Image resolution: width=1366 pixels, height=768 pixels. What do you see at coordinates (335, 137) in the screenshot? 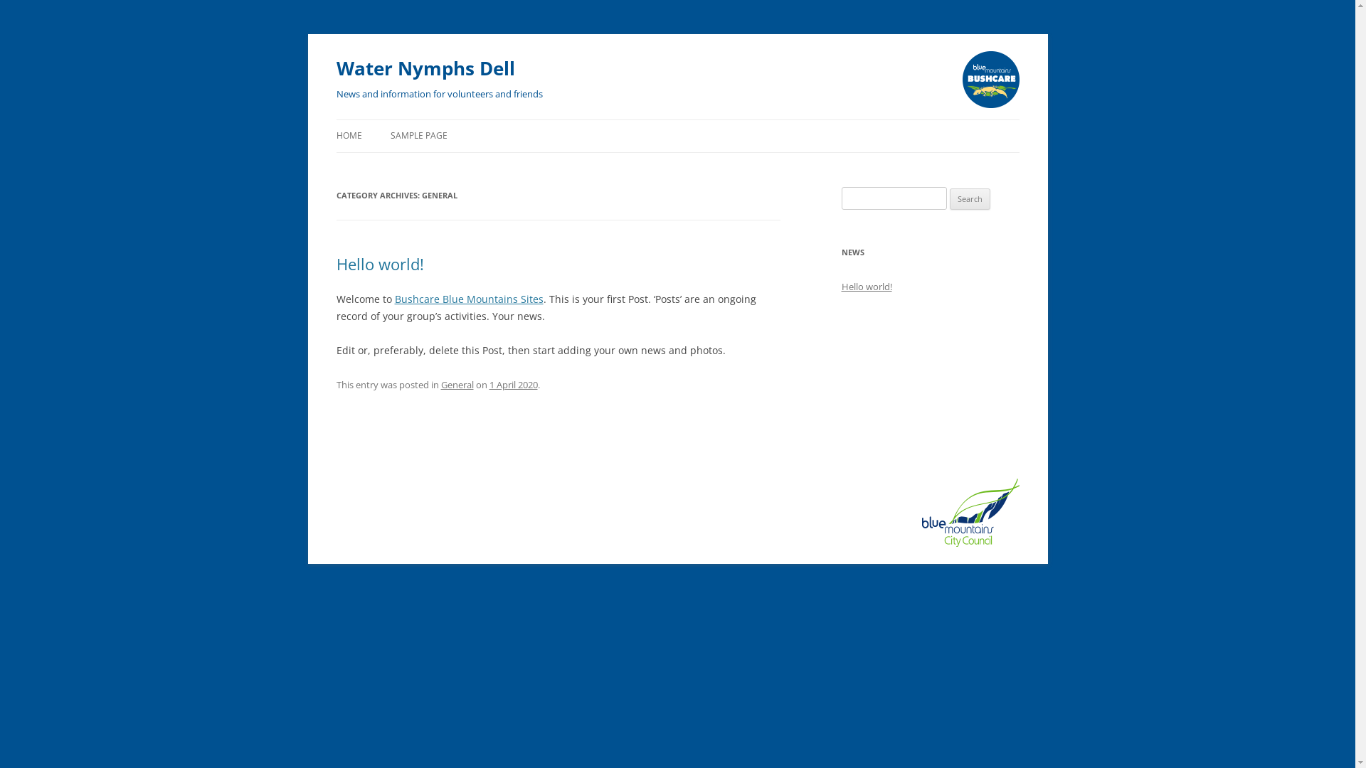
I see `'Skip to content'` at bounding box center [335, 137].